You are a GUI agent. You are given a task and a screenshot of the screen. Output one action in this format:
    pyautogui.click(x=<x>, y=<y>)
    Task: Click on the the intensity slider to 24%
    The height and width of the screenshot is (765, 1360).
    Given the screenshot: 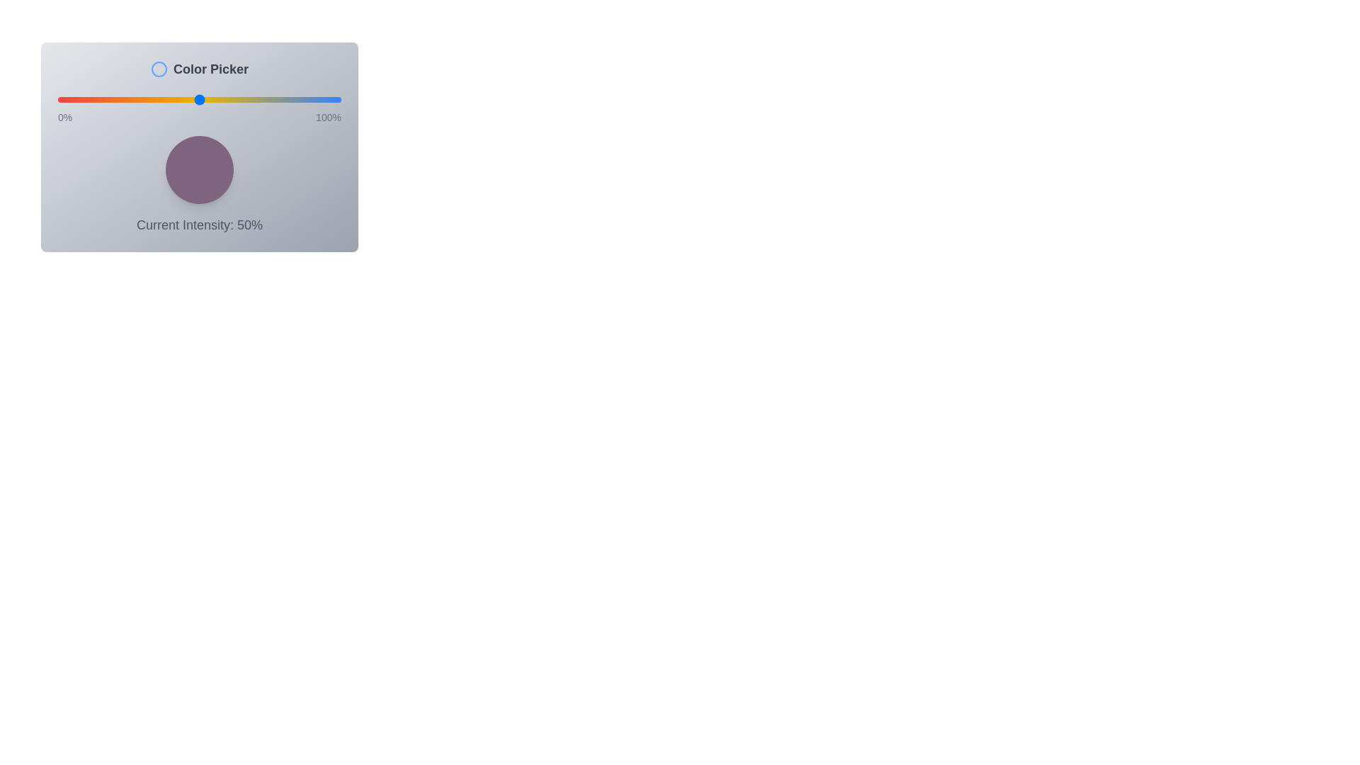 What is the action you would take?
    pyautogui.click(x=125, y=99)
    